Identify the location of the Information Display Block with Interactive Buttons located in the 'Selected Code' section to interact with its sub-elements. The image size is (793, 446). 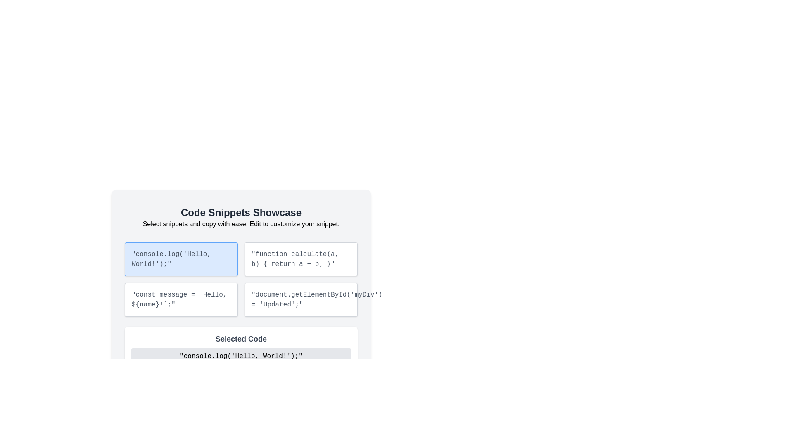
(241, 360).